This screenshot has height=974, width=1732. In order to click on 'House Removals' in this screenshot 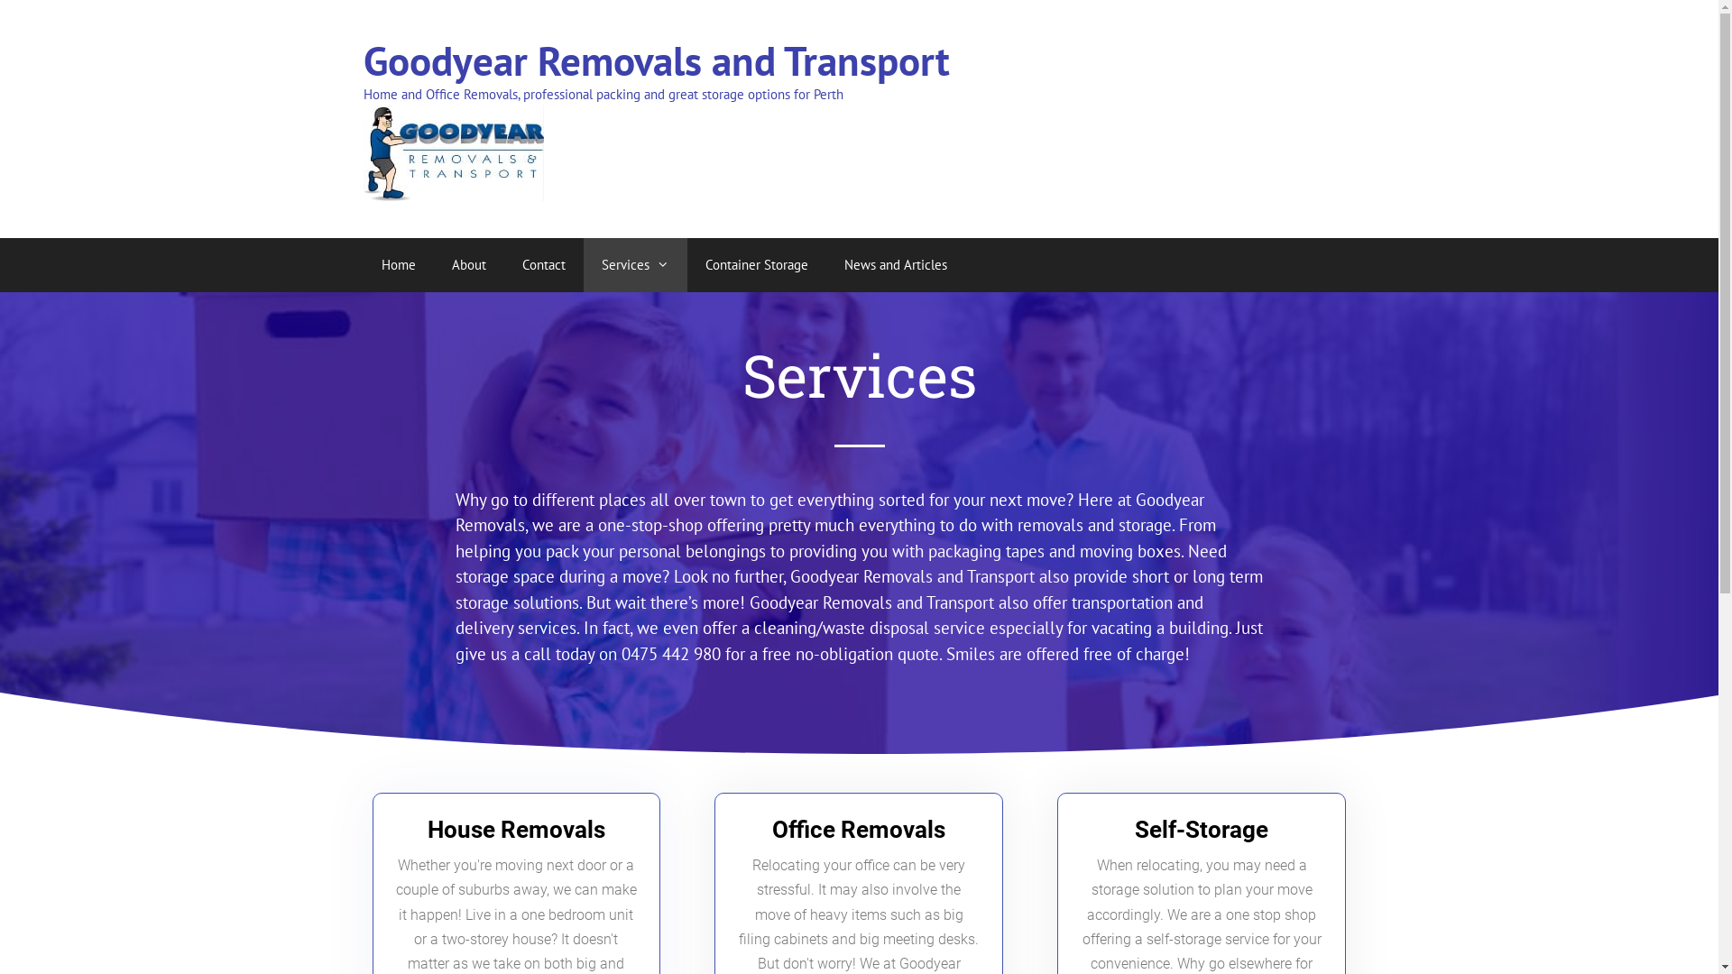, I will do `click(515, 830)`.